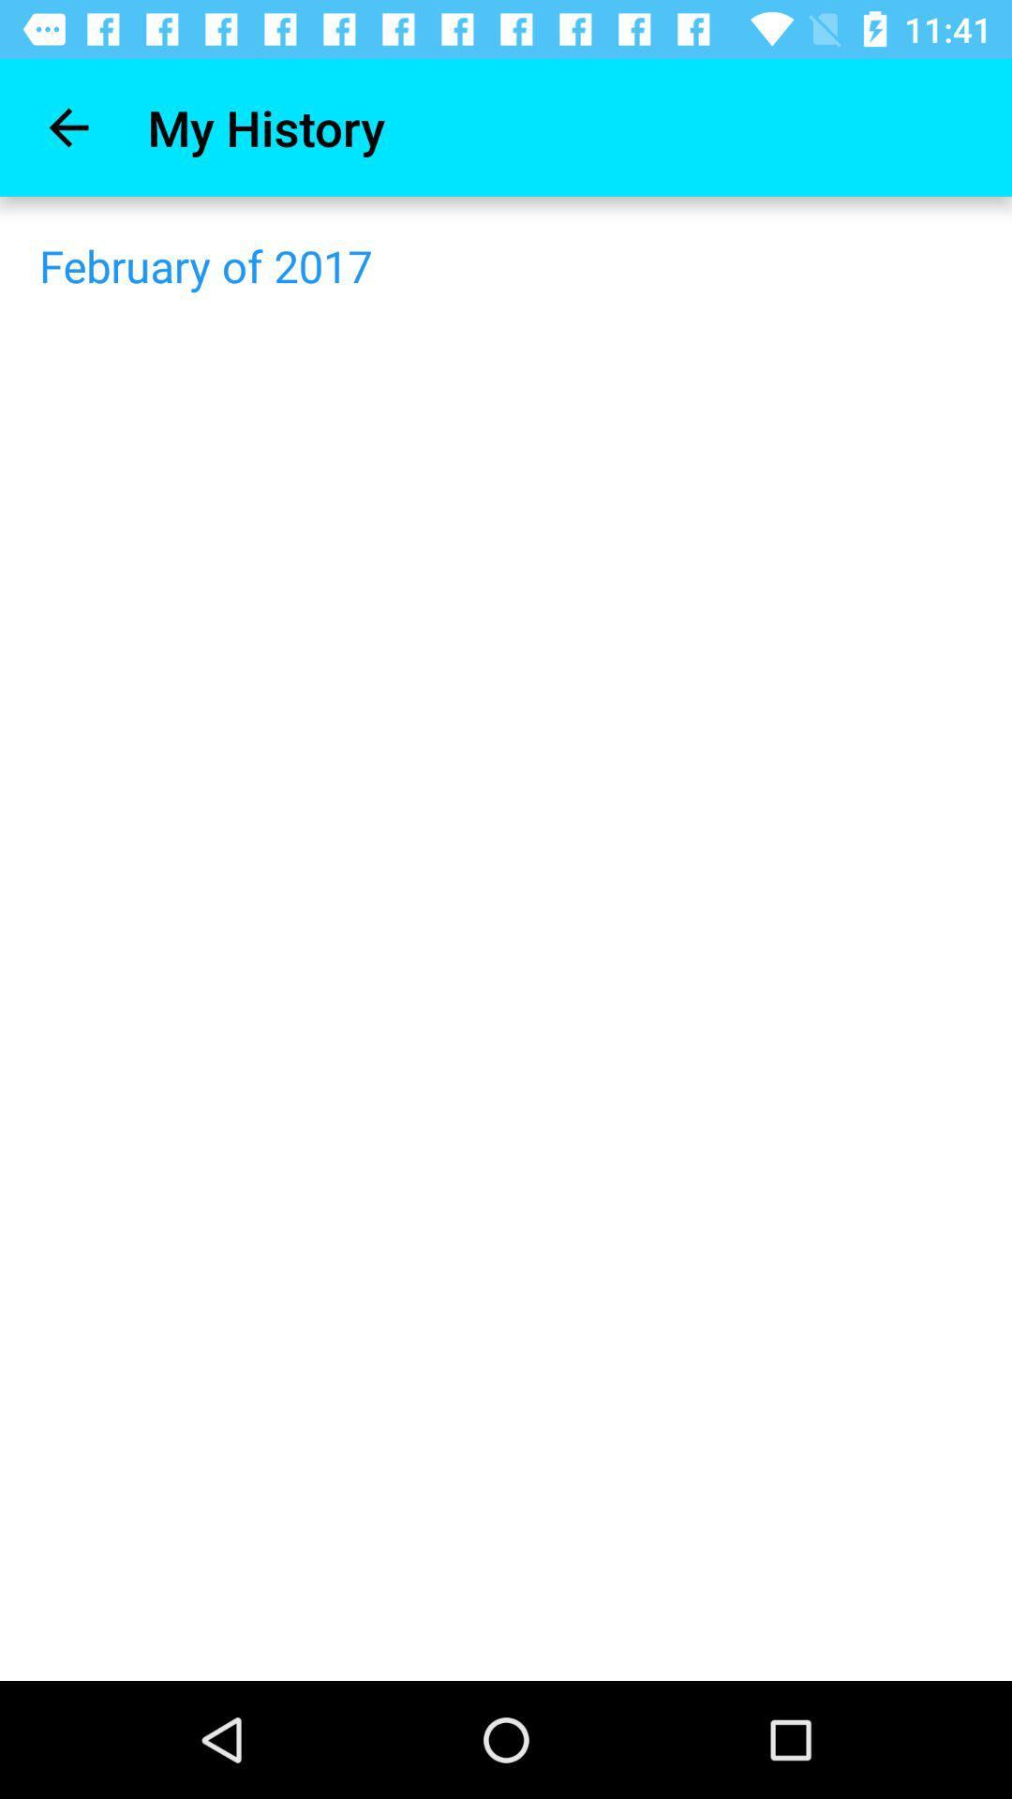  What do you see at coordinates (67, 126) in the screenshot?
I see `item next to the my history icon` at bounding box center [67, 126].